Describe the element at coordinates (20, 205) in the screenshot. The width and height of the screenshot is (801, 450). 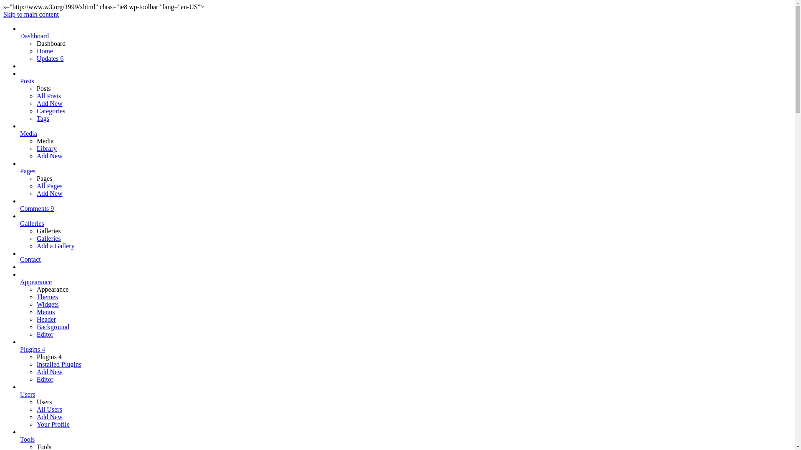
I see `'Comments 9'` at that location.